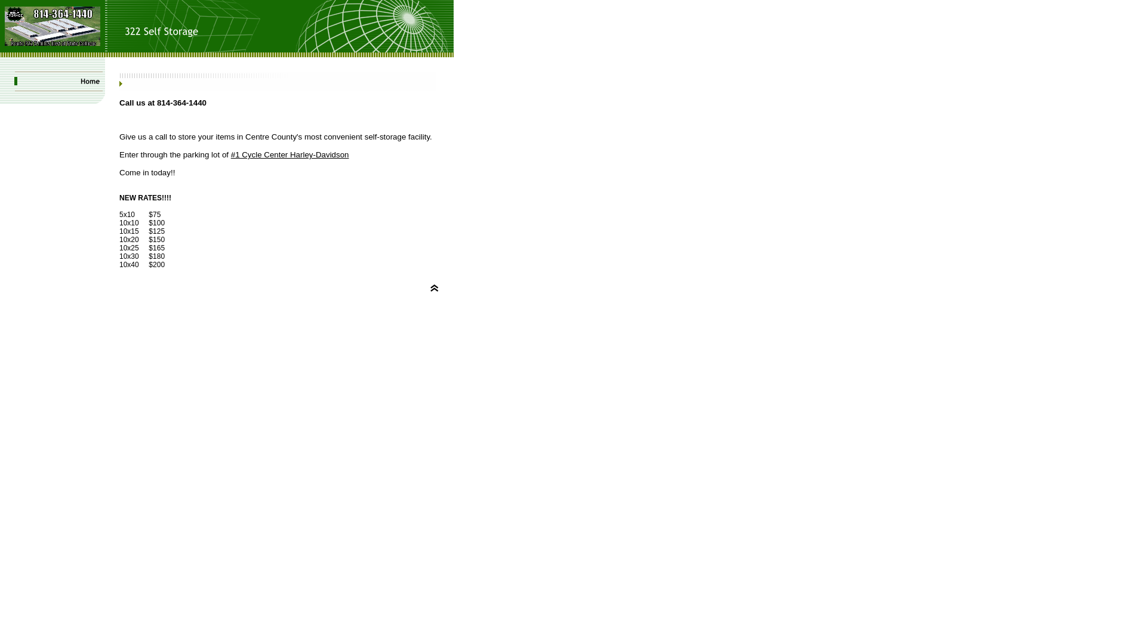 The height and width of the screenshot is (644, 1146). I want to click on '#1 Cycle Center Harley-Davidson', so click(289, 154).